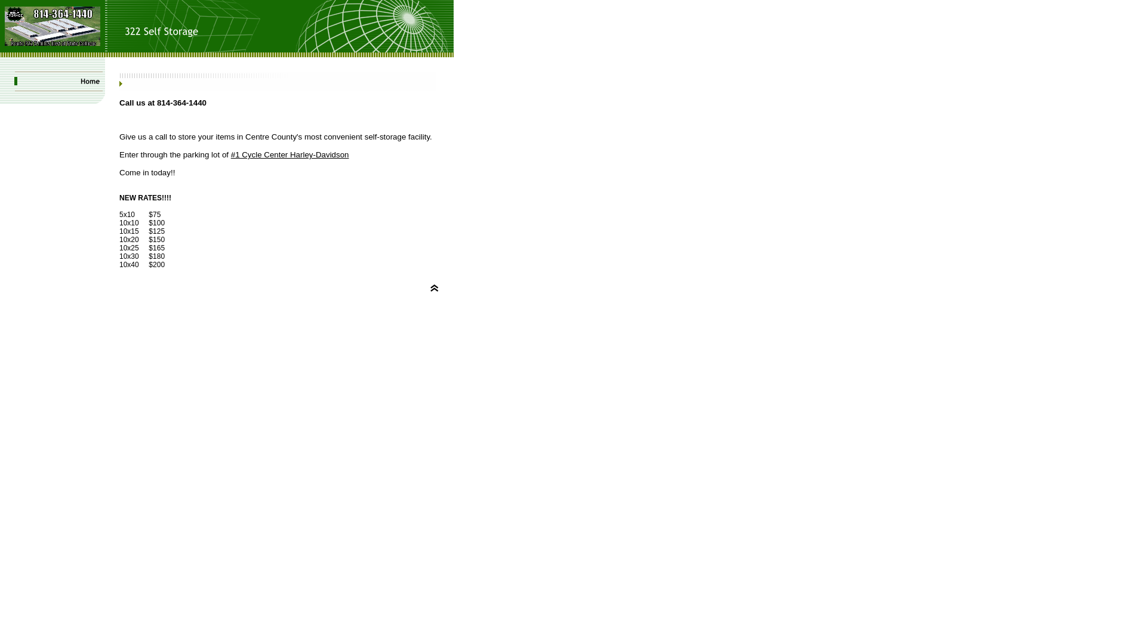 The height and width of the screenshot is (644, 1146). I want to click on '#1 Cycle Center Harley-Davidson', so click(289, 154).